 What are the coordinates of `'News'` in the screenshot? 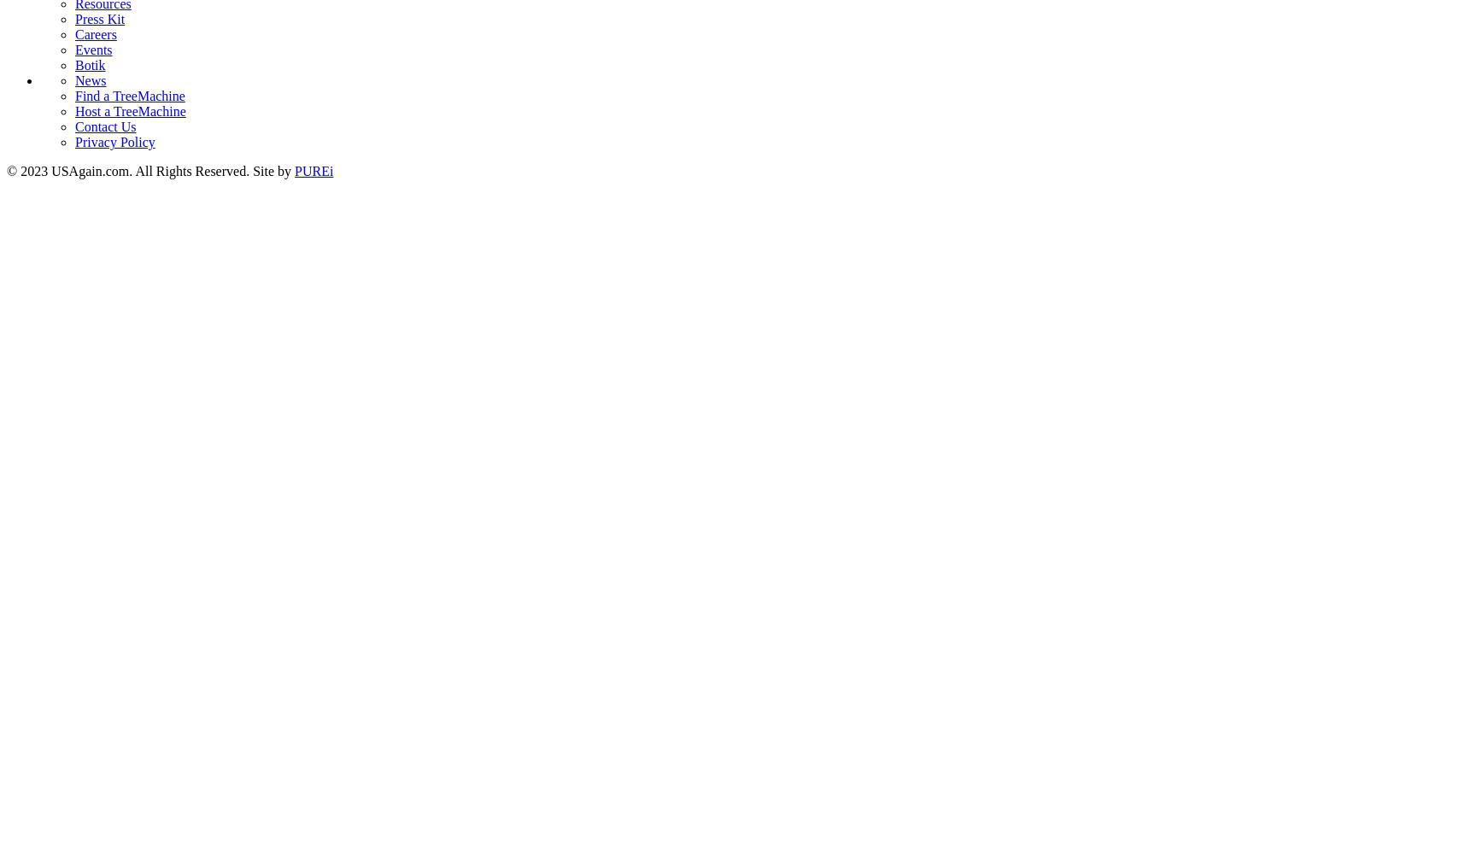 It's located at (90, 79).